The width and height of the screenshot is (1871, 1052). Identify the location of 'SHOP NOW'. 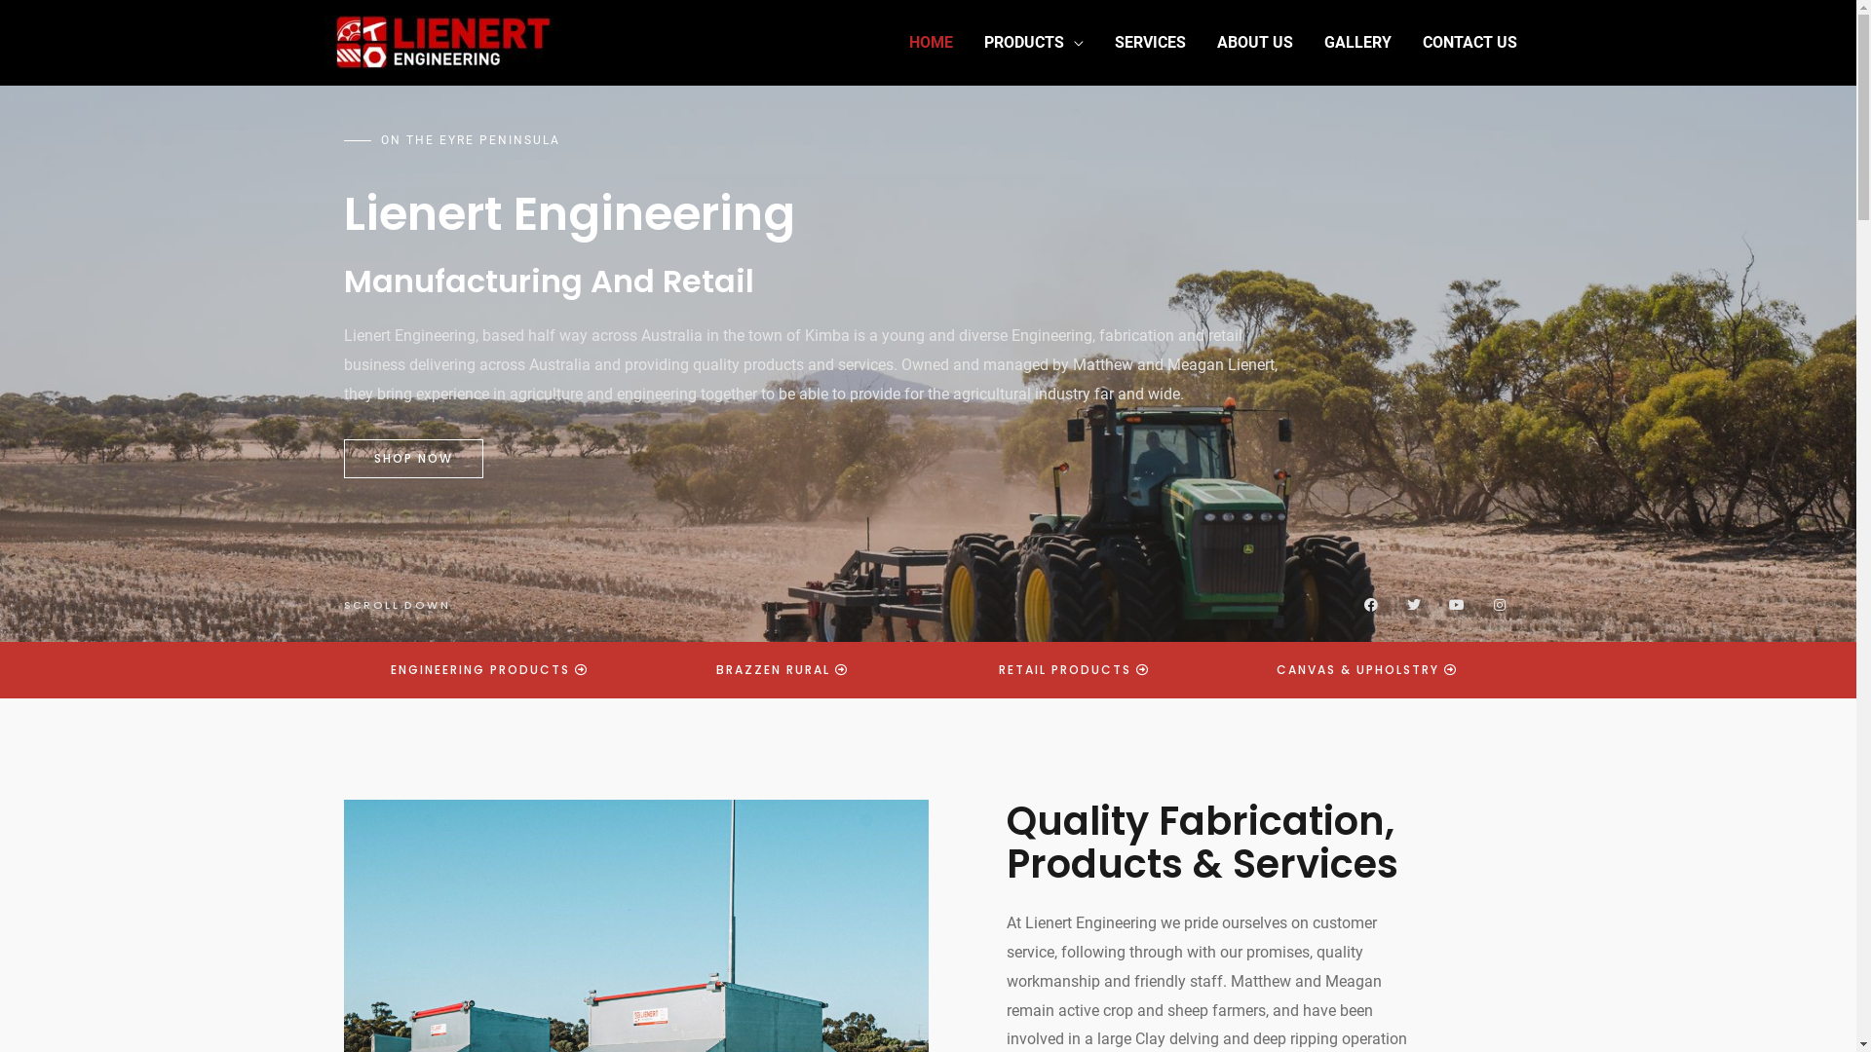
(411, 458).